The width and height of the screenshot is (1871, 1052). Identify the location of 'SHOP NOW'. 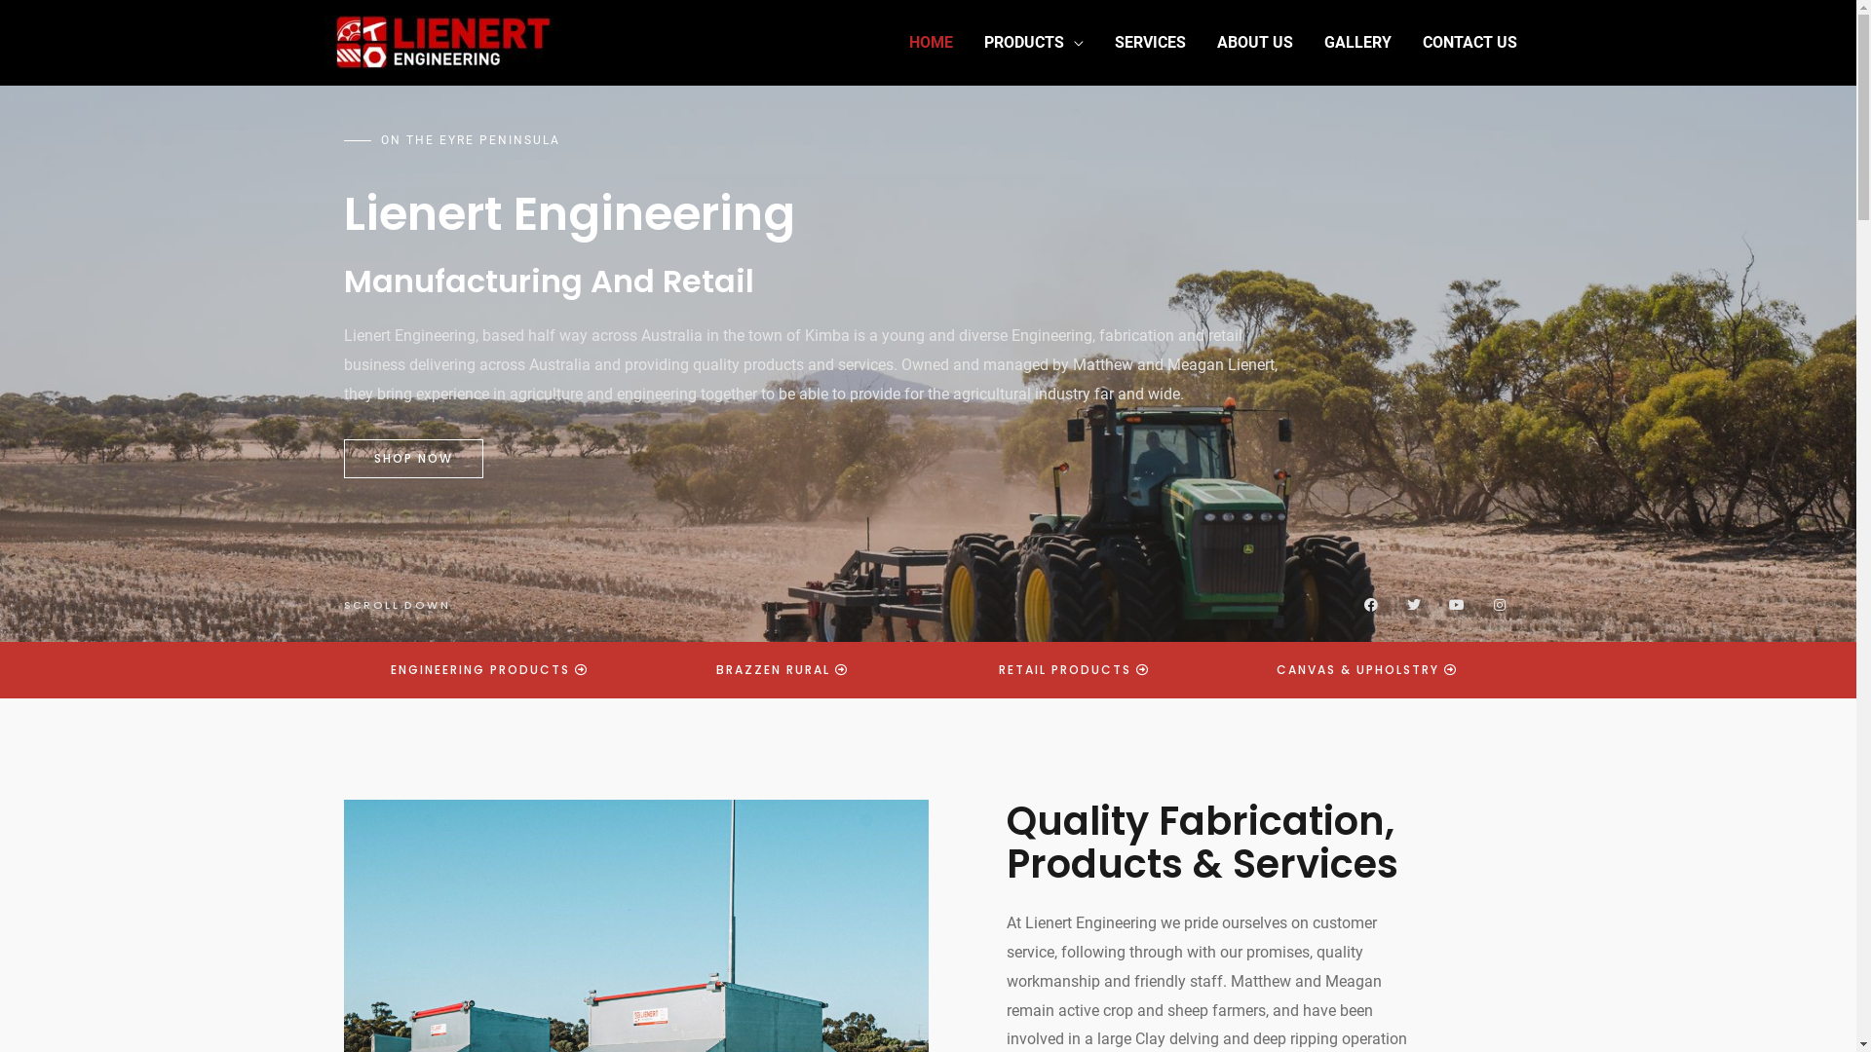
(411, 458).